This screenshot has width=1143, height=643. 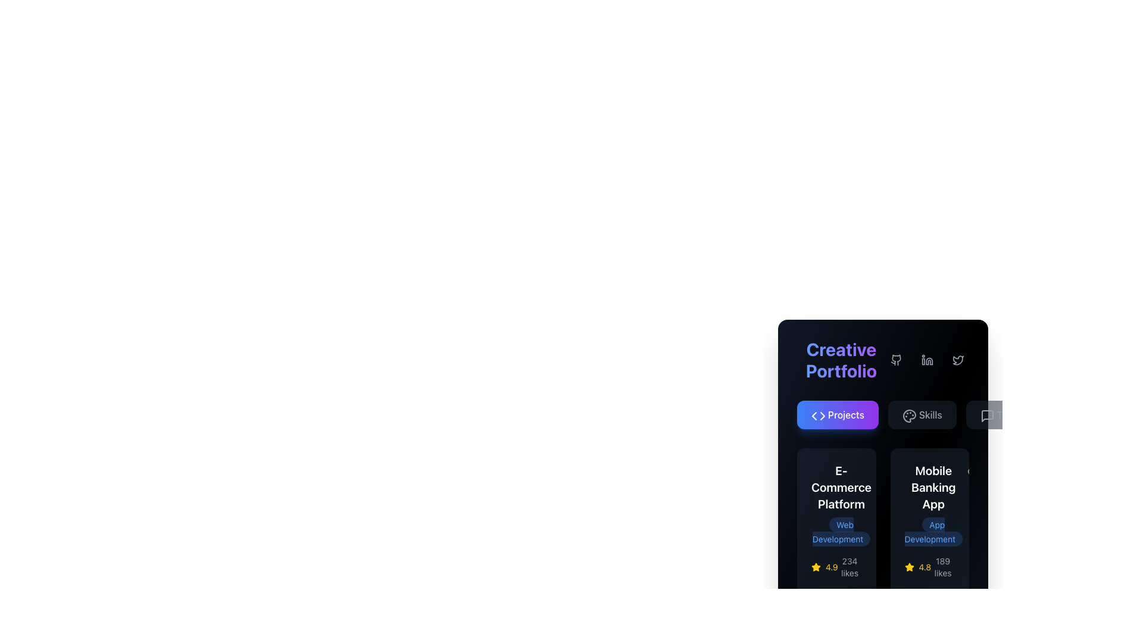 I want to click on the yellow star-shaped icon that represents a rating of '4.9' in the bottom-left region of the card for the E-Commerce Platform, so click(x=816, y=566).